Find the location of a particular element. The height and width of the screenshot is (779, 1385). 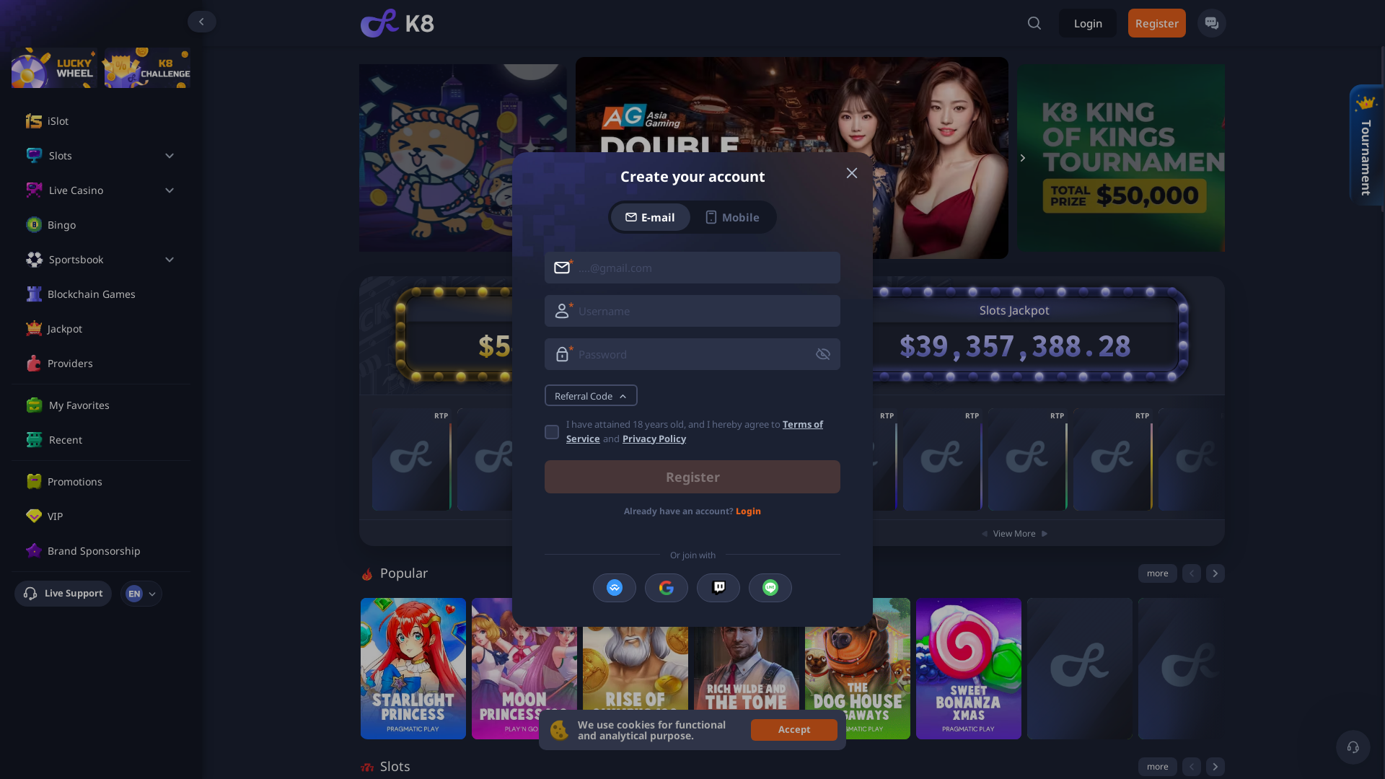

'next' is located at coordinates (1214, 766).